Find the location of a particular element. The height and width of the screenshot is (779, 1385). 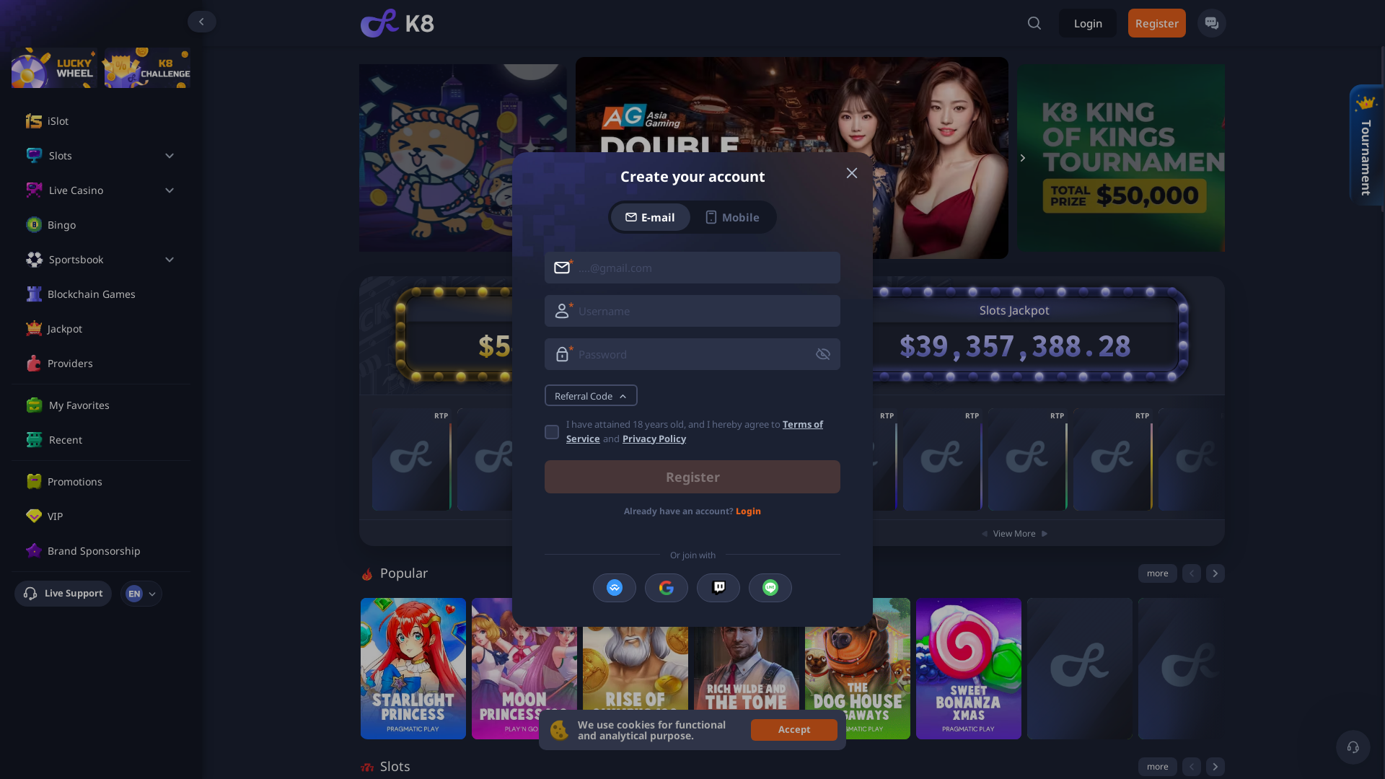

'next' is located at coordinates (1214, 766).